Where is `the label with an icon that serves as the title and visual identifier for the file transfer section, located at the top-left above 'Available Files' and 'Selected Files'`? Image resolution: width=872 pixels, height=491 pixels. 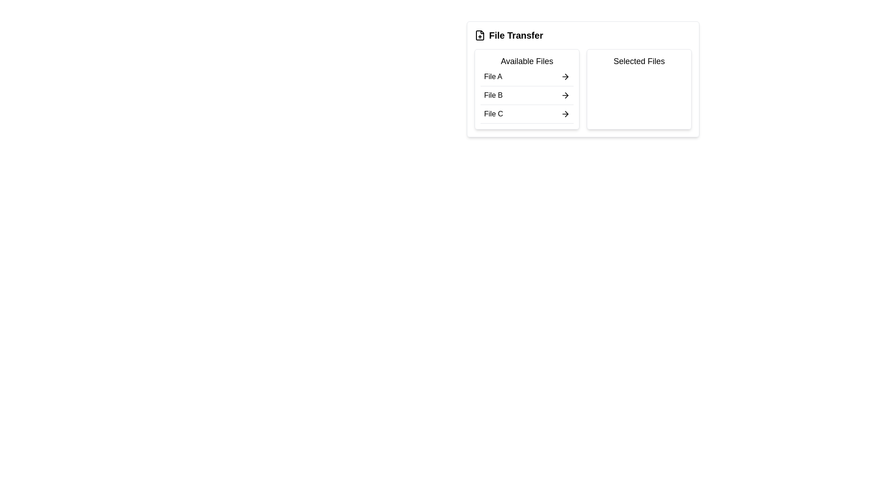 the label with an icon that serves as the title and visual identifier for the file transfer section, located at the top-left above 'Available Files' and 'Selected Files' is located at coordinates (509, 35).